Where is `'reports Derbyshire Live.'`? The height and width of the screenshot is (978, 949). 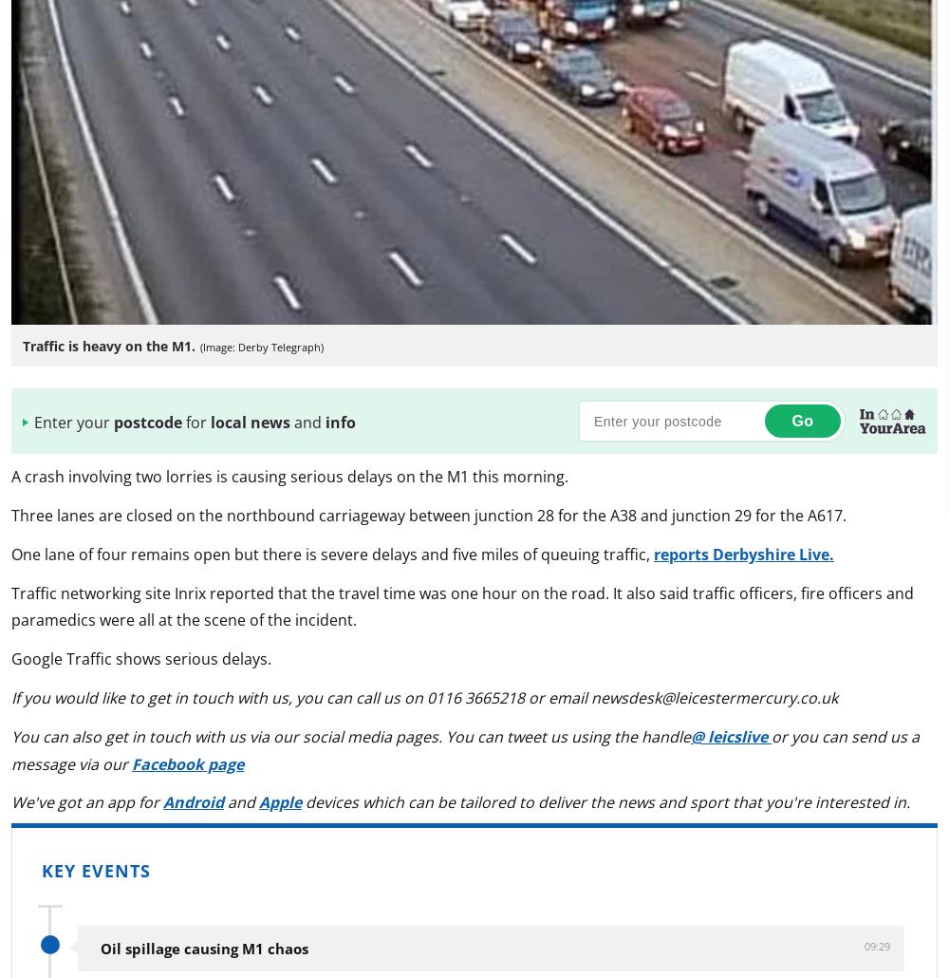
'reports Derbyshire Live.' is located at coordinates (744, 553).